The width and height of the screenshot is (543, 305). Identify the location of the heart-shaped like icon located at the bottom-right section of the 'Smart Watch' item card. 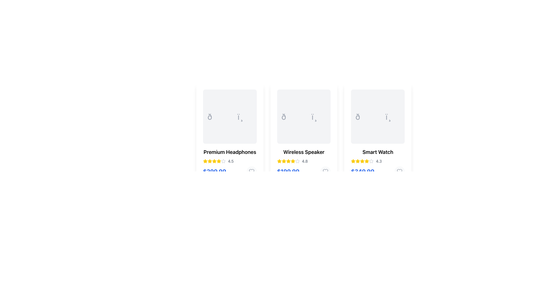
(399, 171).